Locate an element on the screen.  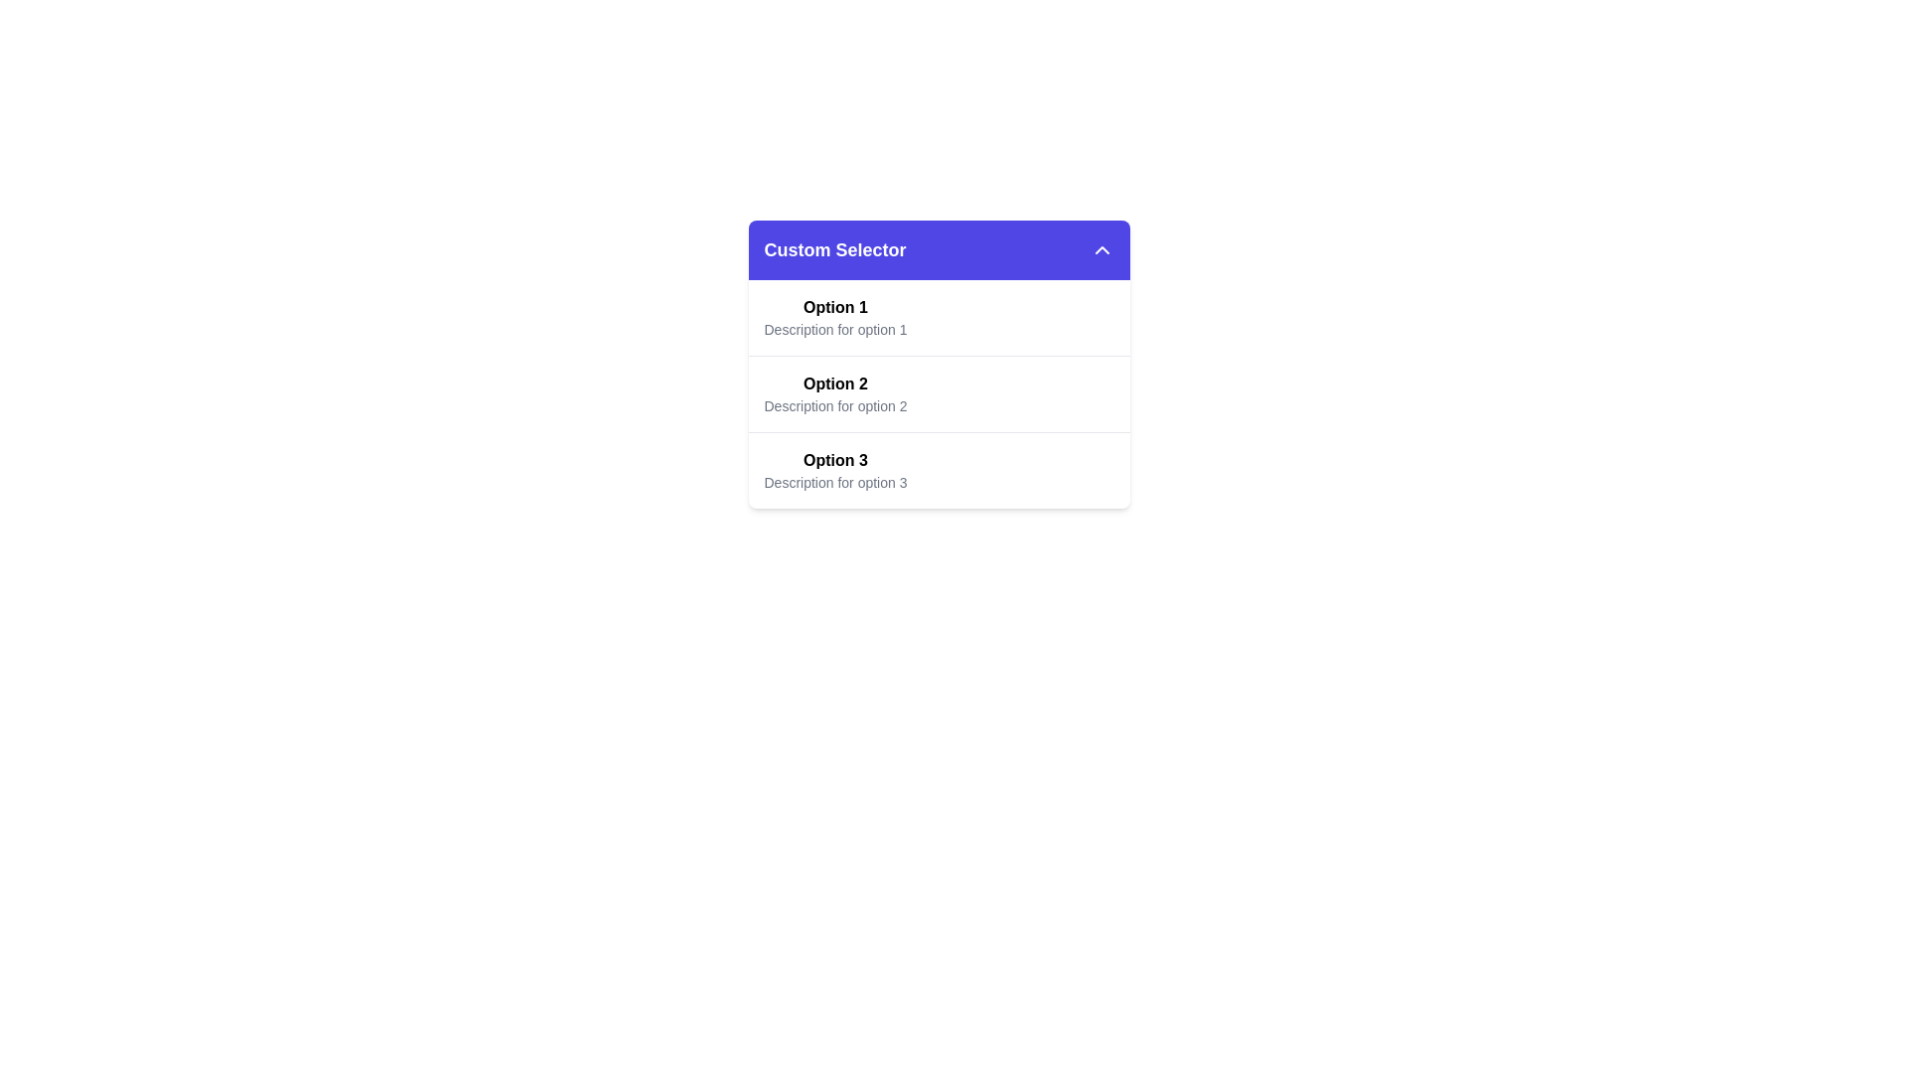
the first item in the dropdown list labeled 'Option 1' is located at coordinates (938, 317).